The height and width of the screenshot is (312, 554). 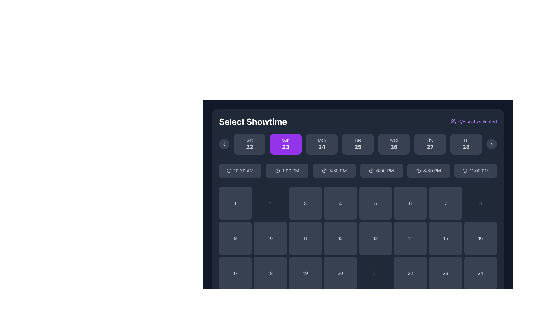 I want to click on the chevron icon pointing left, which is part of a navigation button located on the leftmost side of the interface, slightly below the title 'Select Showtime', so click(x=224, y=144).